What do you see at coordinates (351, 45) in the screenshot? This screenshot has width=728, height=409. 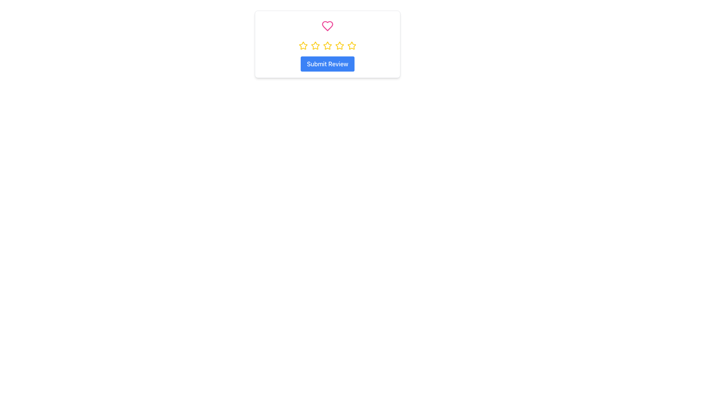 I see `the fifth yellow star icon in the horizontal sequence of five stars, which is located below a heart icon and above the 'Submit Review' button` at bounding box center [351, 45].